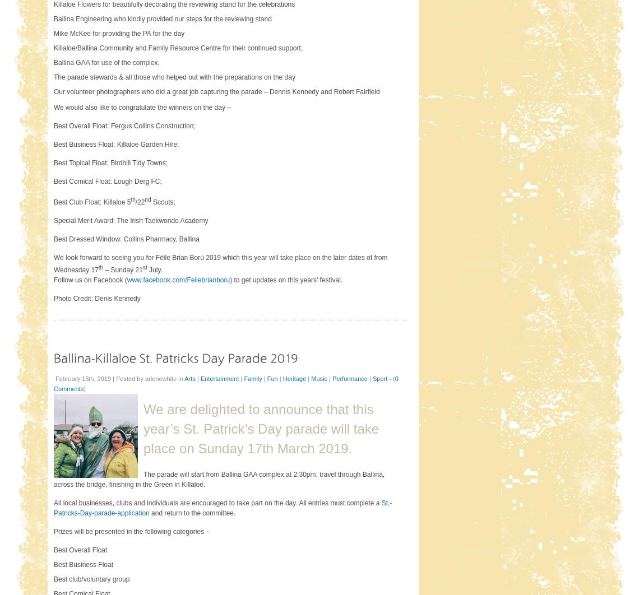  Describe the element at coordinates (53, 383) in the screenshot. I see `'0 Comments'` at that location.